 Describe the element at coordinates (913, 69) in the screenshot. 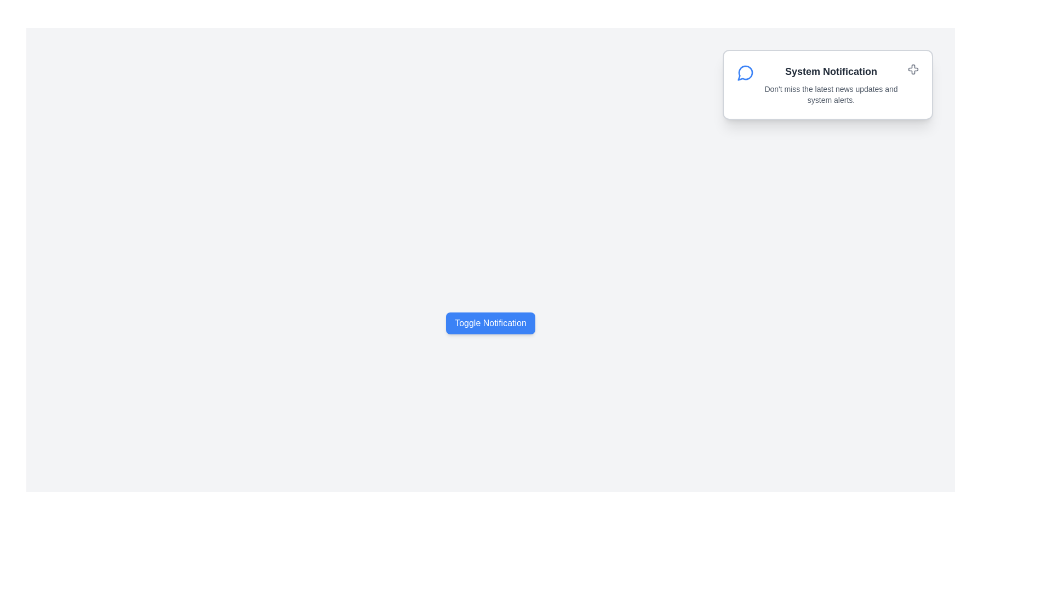

I see `the geometric cross symbol button in the upper-right corner of the 'System Notification' banner` at that location.